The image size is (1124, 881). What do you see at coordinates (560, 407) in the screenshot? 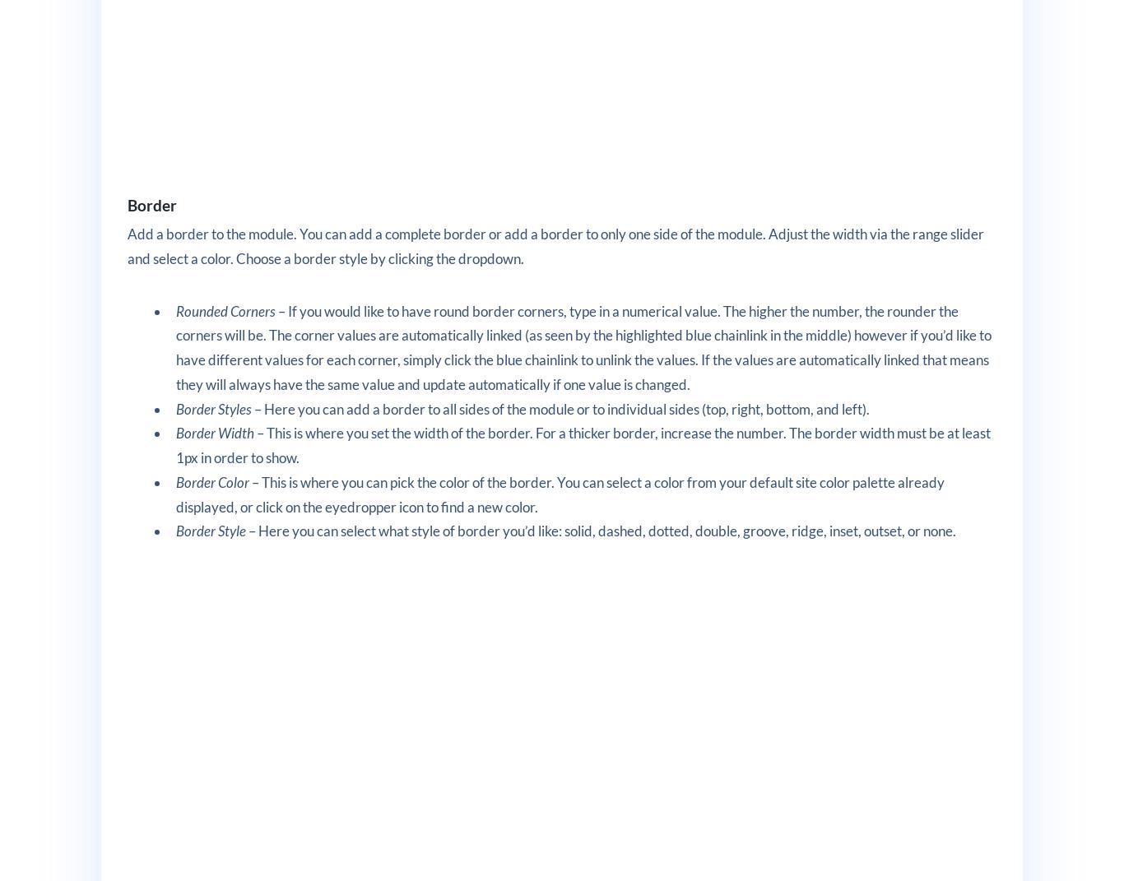
I see `'– Here you can add a border to all sides of the module or to individual sides (top, right, bottom, and left).'` at bounding box center [560, 407].